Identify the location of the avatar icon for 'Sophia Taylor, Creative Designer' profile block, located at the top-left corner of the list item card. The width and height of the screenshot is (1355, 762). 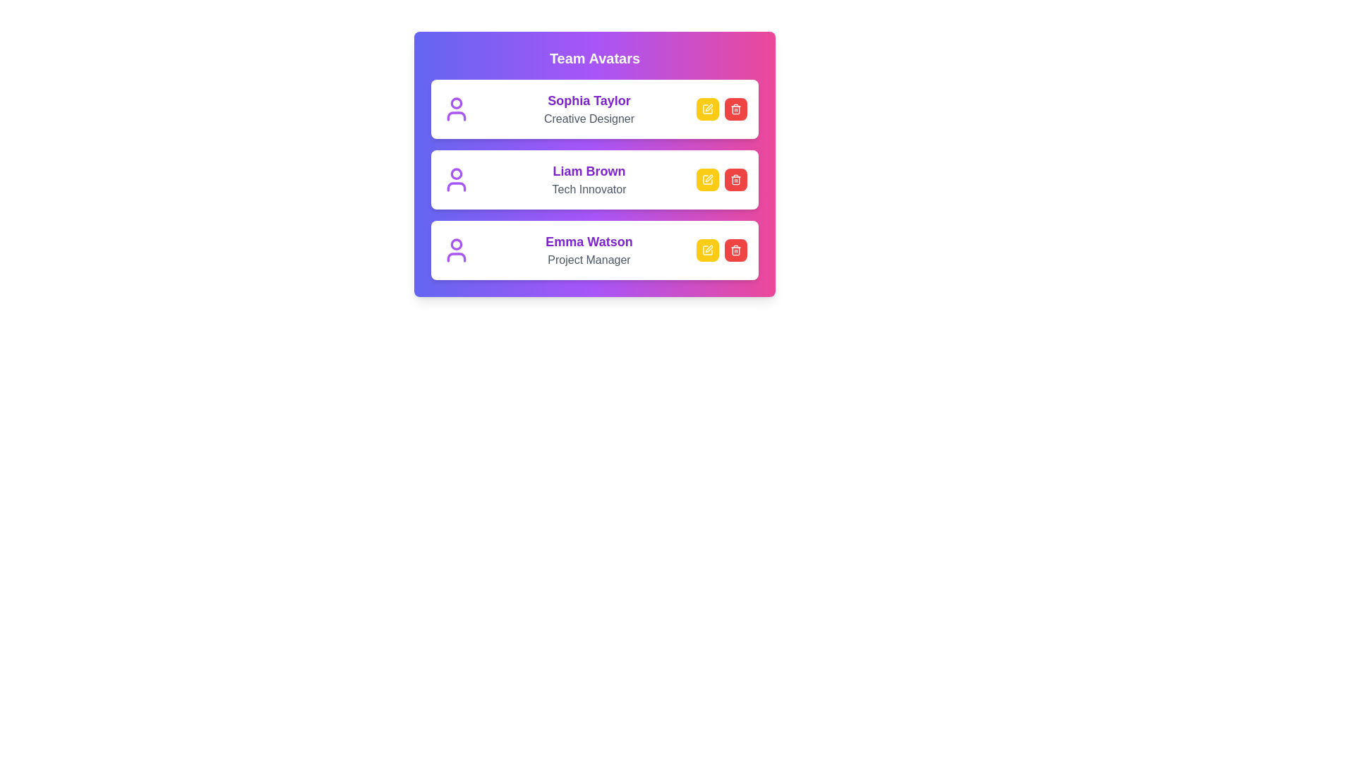
(457, 108).